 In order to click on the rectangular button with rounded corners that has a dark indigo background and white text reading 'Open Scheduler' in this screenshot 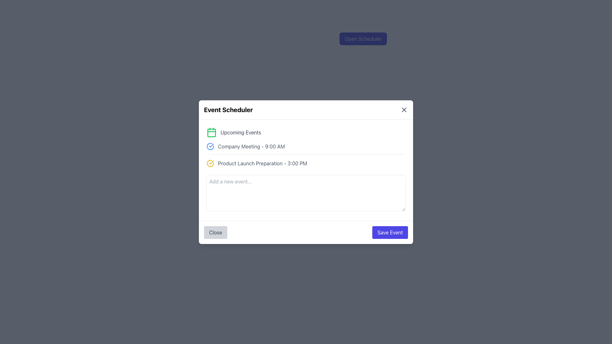, I will do `click(363, 39)`.